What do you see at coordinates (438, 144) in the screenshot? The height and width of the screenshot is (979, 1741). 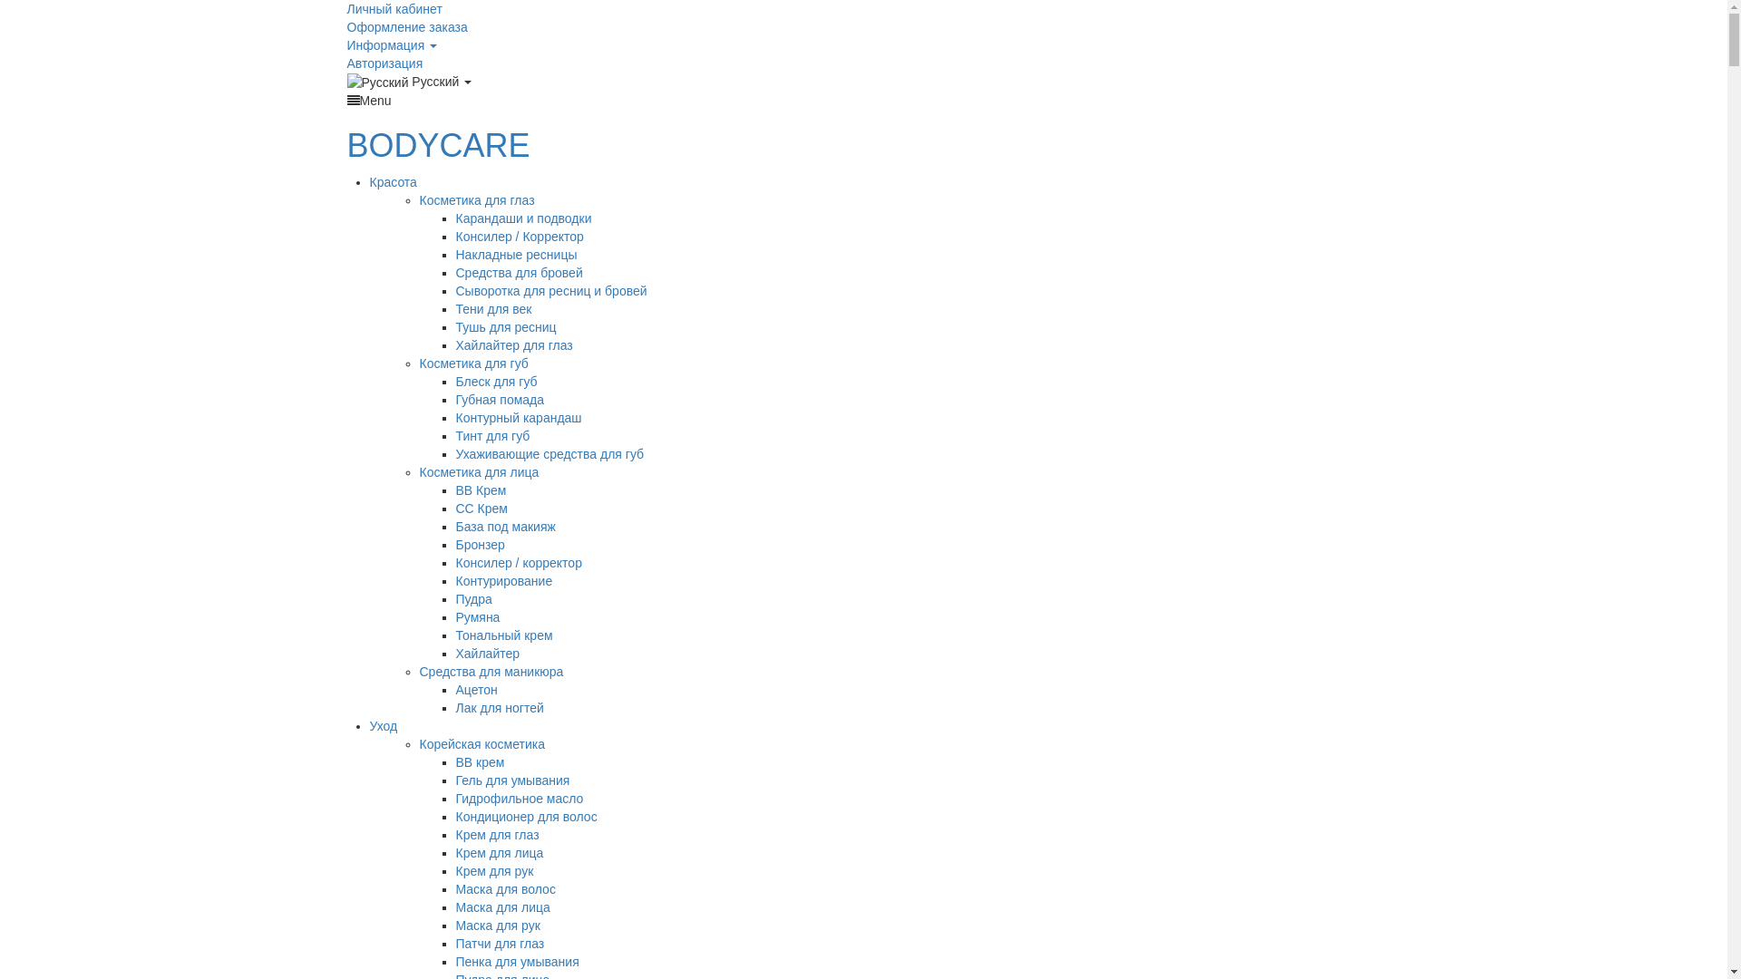 I see `'BODYCARE'` at bounding box center [438, 144].